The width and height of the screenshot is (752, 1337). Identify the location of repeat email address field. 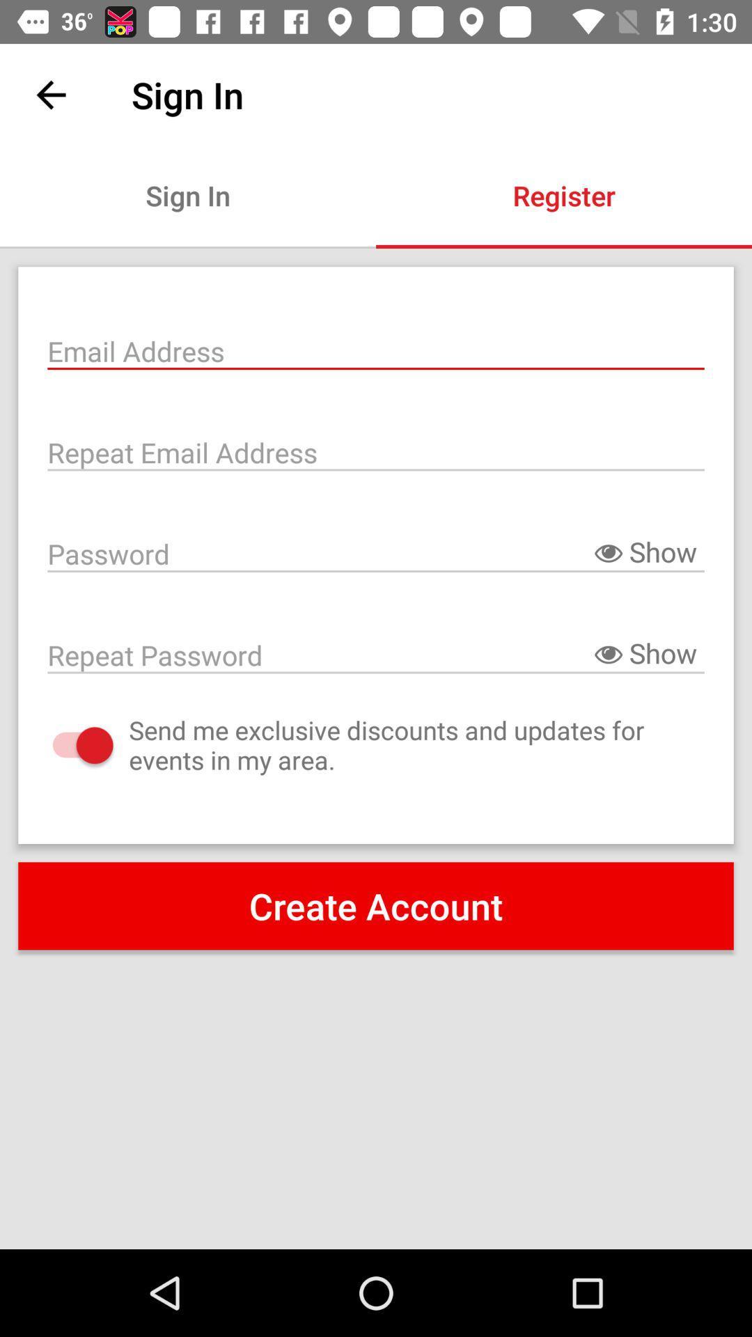
(376, 451).